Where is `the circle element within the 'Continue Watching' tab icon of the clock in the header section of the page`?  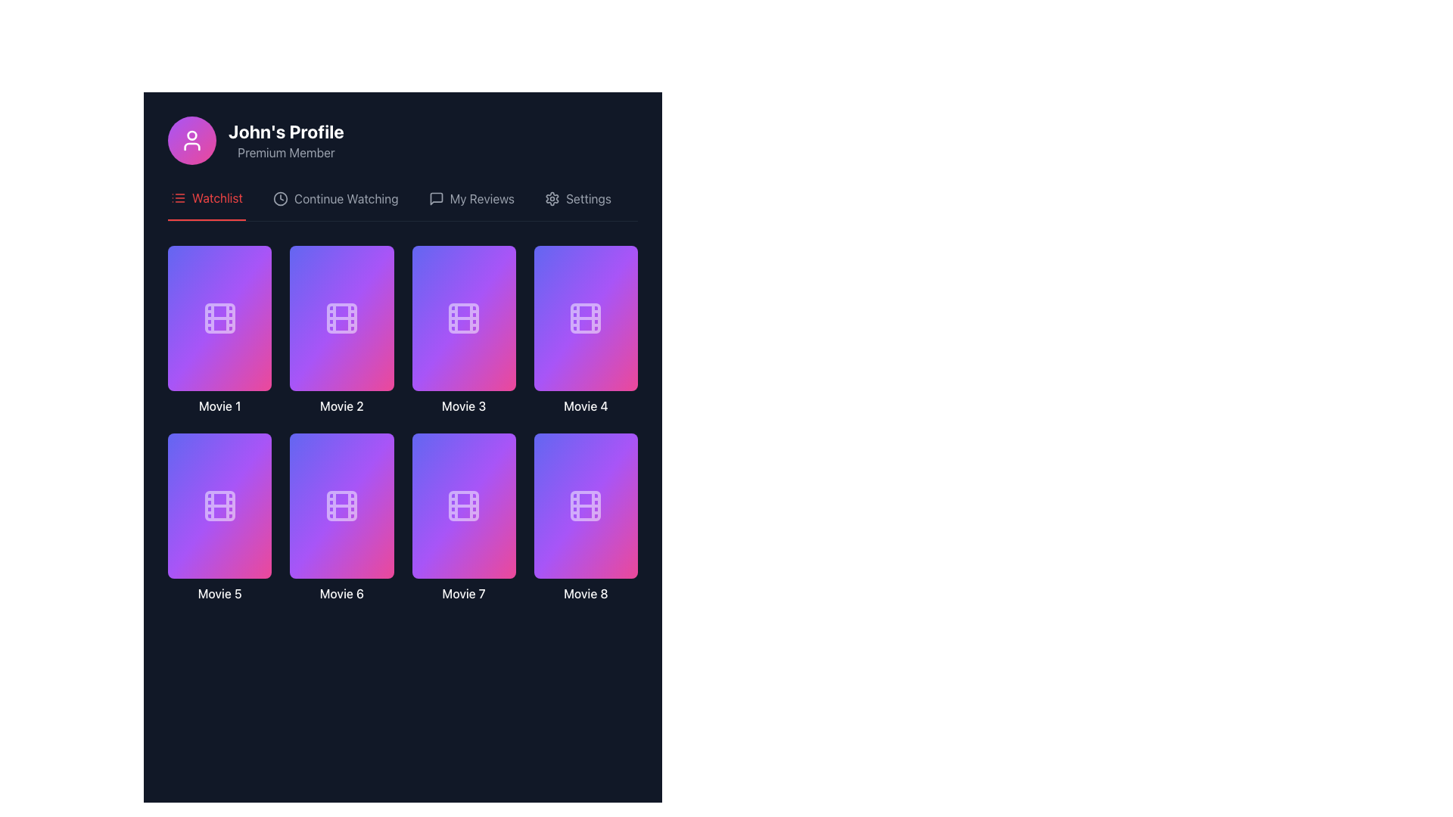 the circle element within the 'Continue Watching' tab icon of the clock in the header section of the page is located at coordinates (280, 197).